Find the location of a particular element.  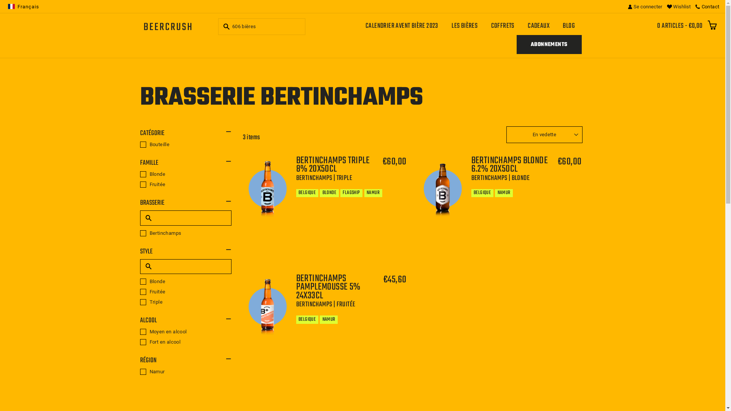

'Wishlist' is located at coordinates (678, 6).